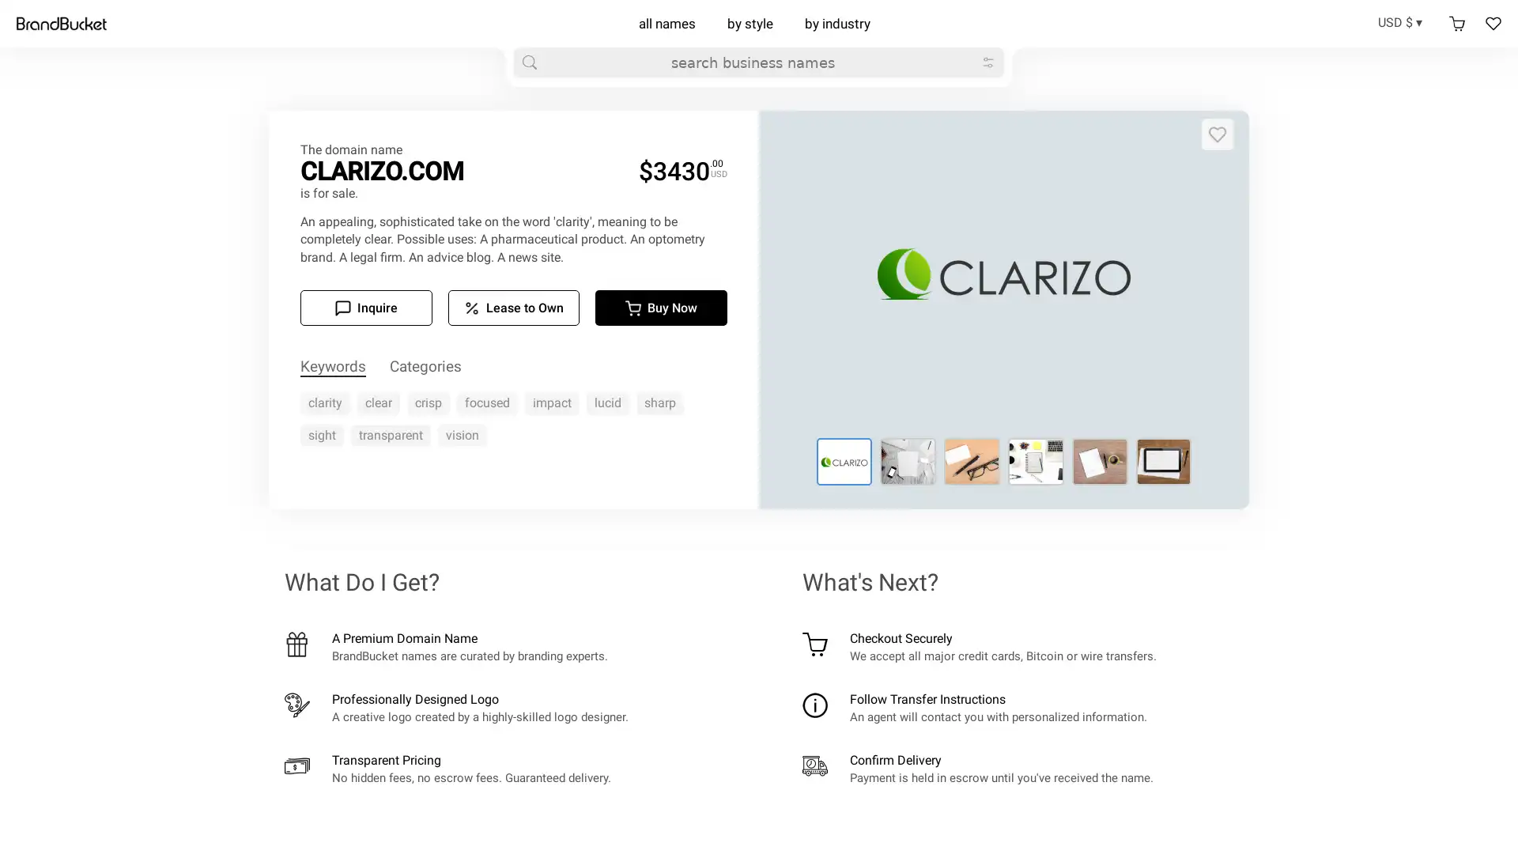 Image resolution: width=1518 pixels, height=854 pixels. What do you see at coordinates (971, 461) in the screenshot?
I see `Logo for clarizo.com` at bounding box center [971, 461].